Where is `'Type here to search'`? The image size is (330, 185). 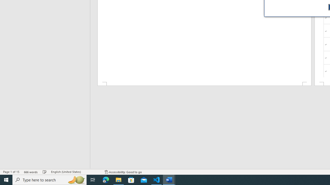
'Type here to search' is located at coordinates (49, 179).